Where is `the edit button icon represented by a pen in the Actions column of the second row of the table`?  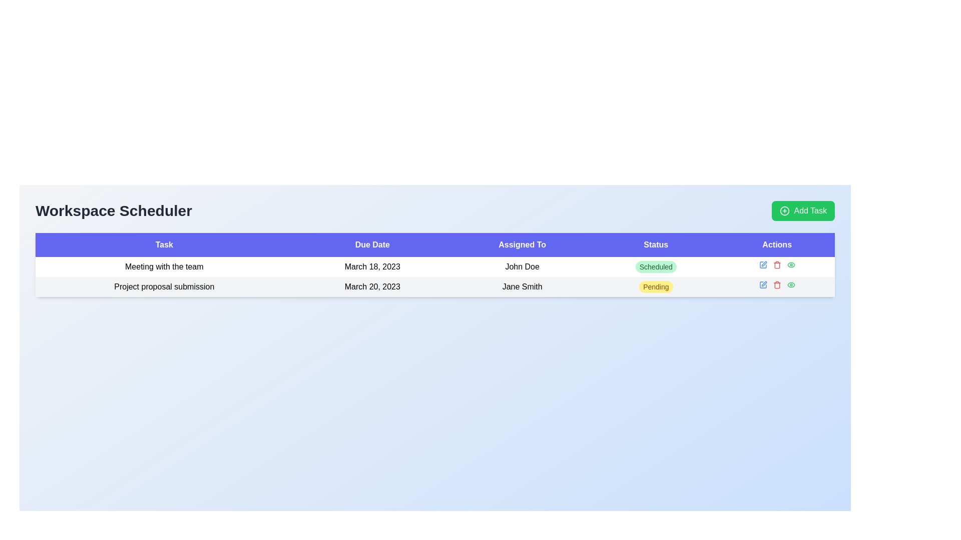 the edit button icon represented by a pen in the Actions column of the second row of the table is located at coordinates (762, 264).